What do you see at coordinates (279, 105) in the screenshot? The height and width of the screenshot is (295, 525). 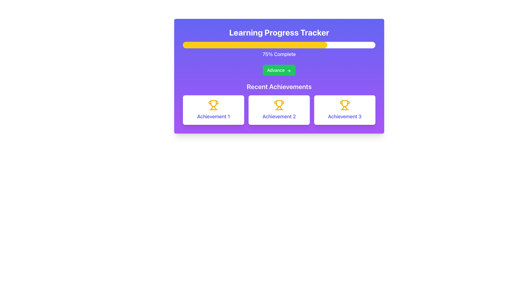 I see `the decorative SVG graphic element symbolizing 'Achievement 2' located in the center of the second card under the 'Recent Achievements' section` at bounding box center [279, 105].